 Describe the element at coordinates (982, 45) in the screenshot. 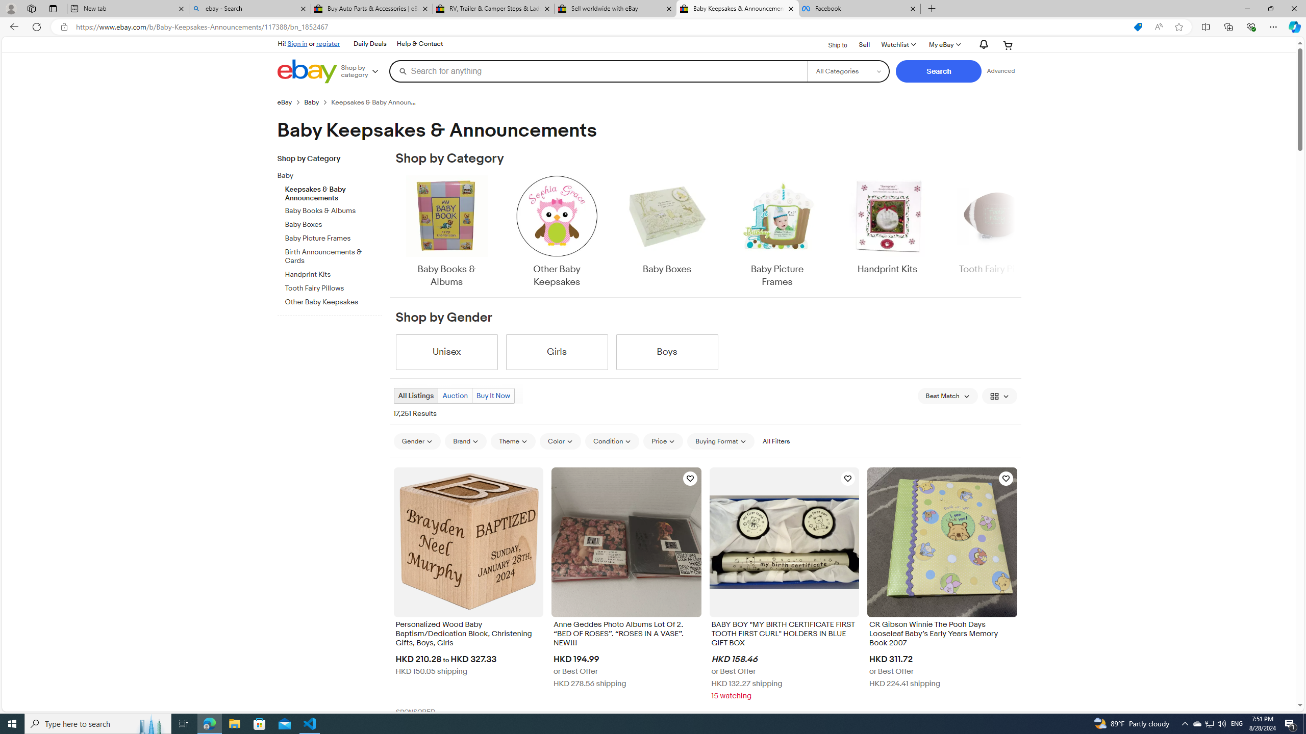

I see `'AutomationID: gh-eb-Alerts'` at that location.